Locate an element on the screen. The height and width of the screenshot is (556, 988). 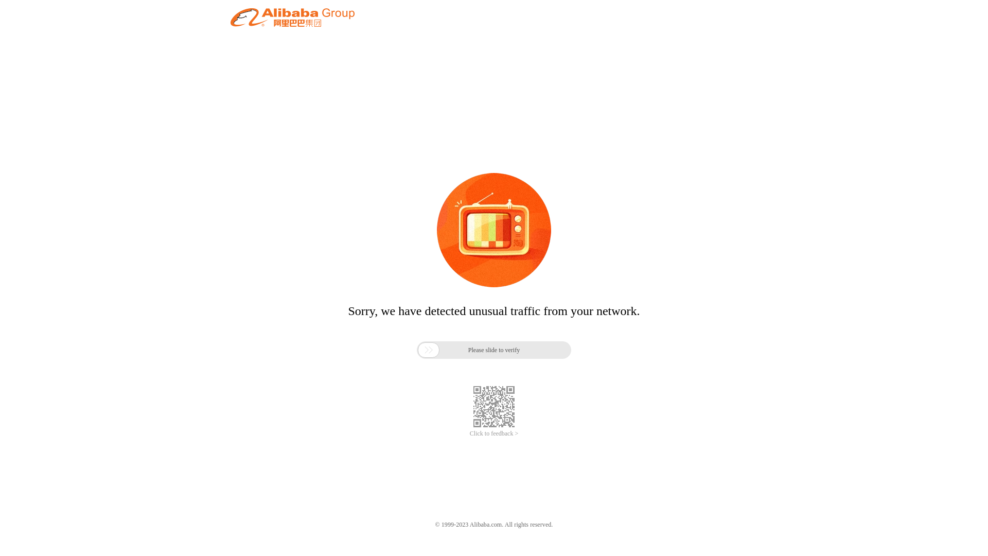
'Click to feedback >' is located at coordinates (494, 433).